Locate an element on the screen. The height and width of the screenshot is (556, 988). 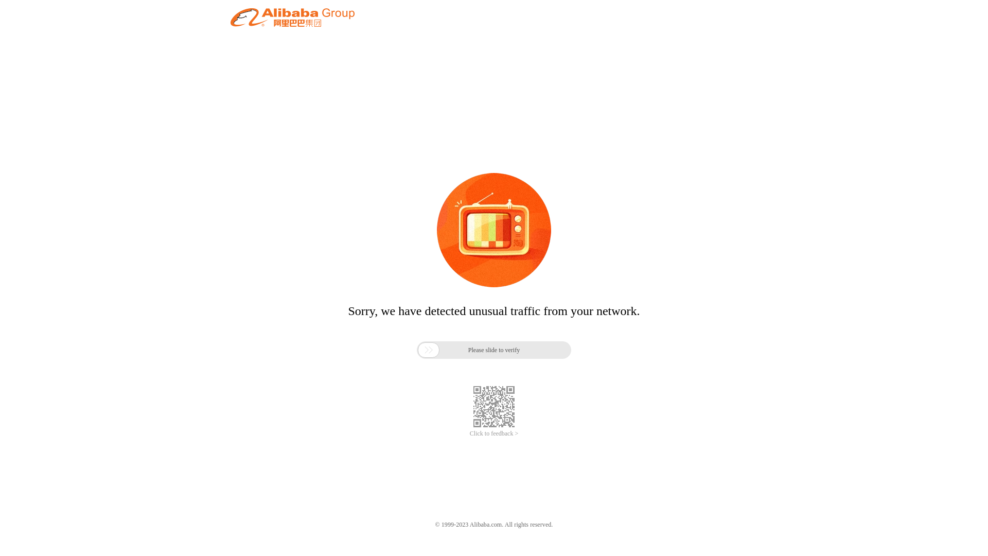
'Click to feedback >' is located at coordinates (494, 433).